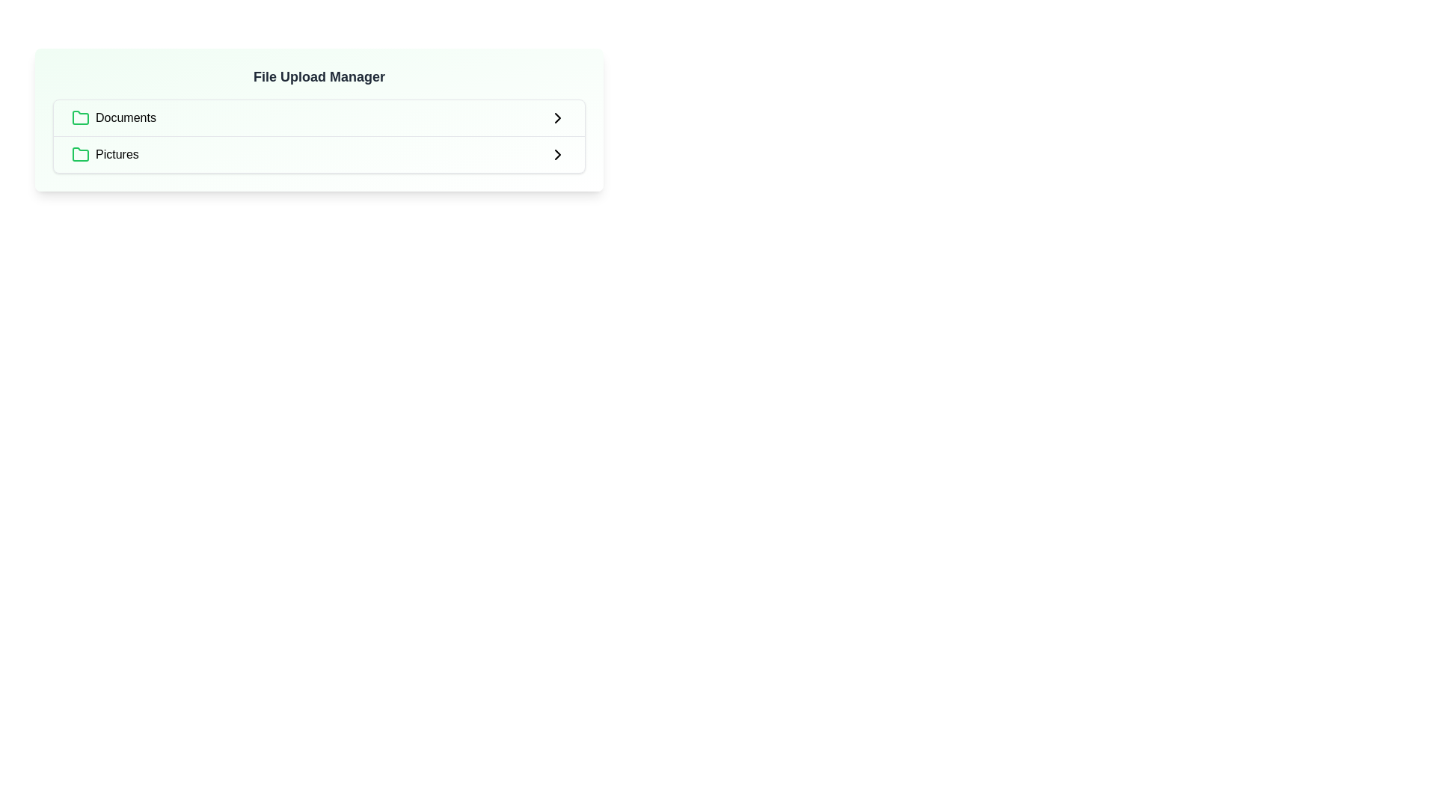 This screenshot has height=808, width=1436. Describe the element at coordinates (113, 117) in the screenshot. I see `the list item labeled 'Documents' with a green folder icon located in the first row of the 'File Upload Manager' section` at that location.